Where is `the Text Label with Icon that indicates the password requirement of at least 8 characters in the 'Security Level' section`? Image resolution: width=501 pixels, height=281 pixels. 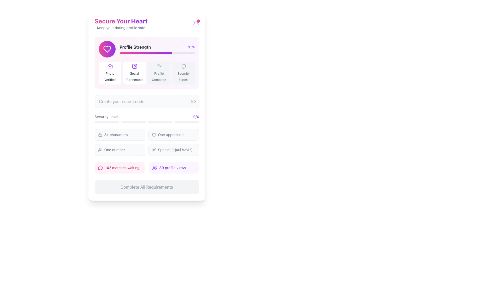
the Text Label with Icon that indicates the password requirement of at least 8 characters in the 'Security Level' section is located at coordinates (120, 134).